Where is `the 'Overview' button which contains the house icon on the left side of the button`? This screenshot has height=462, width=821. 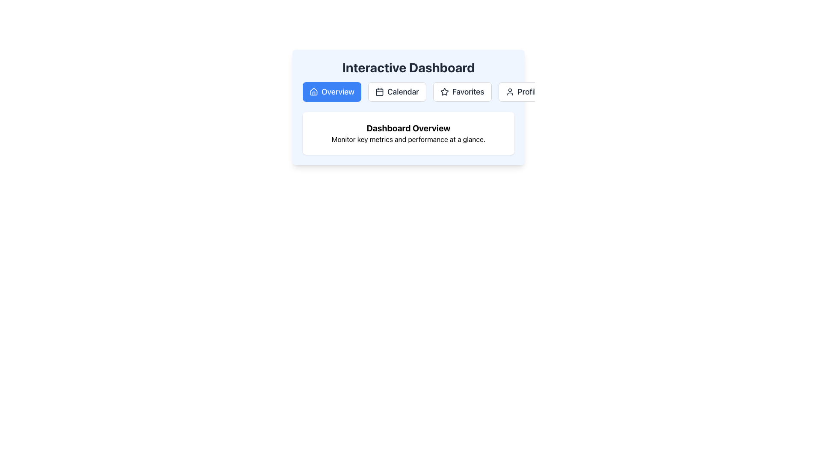
the 'Overview' button which contains the house icon on the left side of the button is located at coordinates (313, 92).